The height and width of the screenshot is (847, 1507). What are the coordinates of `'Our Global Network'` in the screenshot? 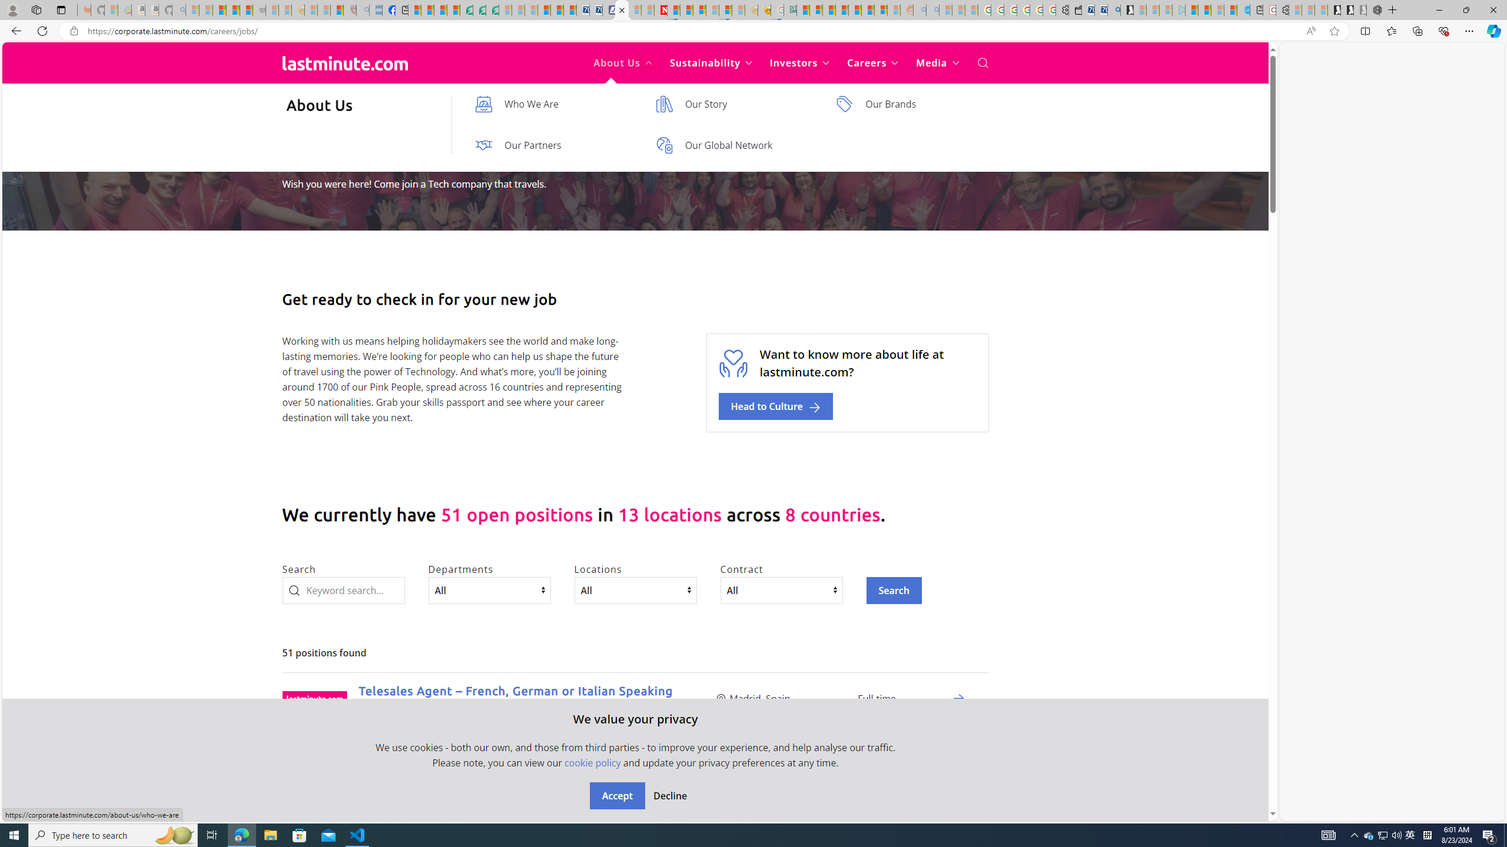 It's located at (733, 144).